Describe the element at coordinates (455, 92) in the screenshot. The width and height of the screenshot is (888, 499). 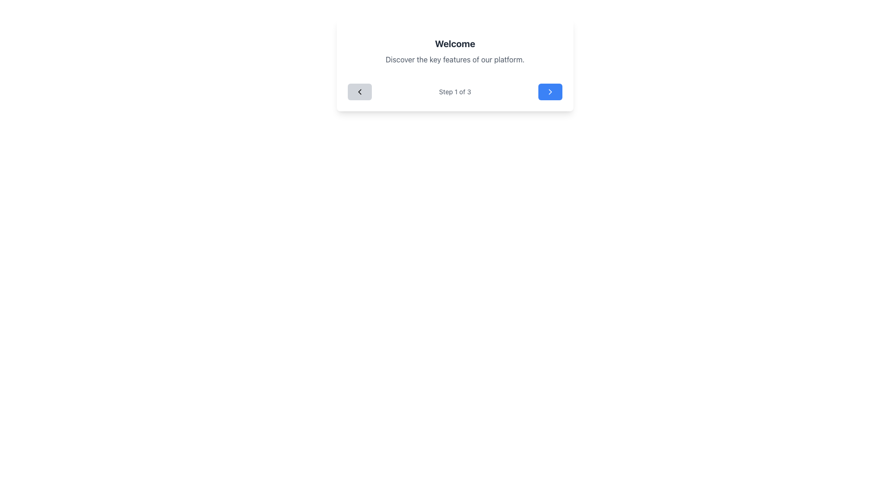
I see `the static text element displaying 'Step 1 of 3' in a small gray font, located centrally in the lower part of the white card interface` at that location.